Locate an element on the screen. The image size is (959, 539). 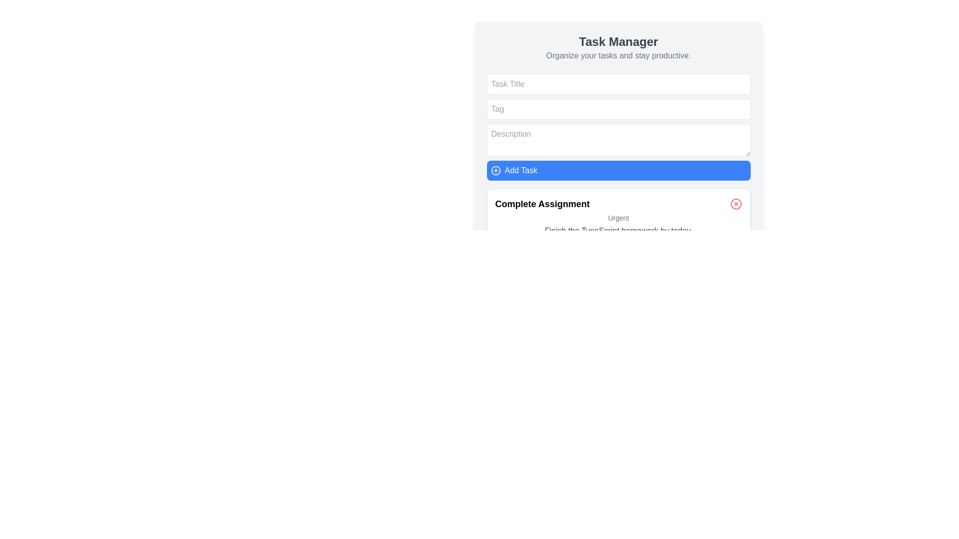
the text block element that contains the title 'Task Manager' in bold dark gray font and the subtitle 'Organize your tasks and stay productive.' in lighter gray color, located at the top of the task manager interface is located at coordinates (618, 48).